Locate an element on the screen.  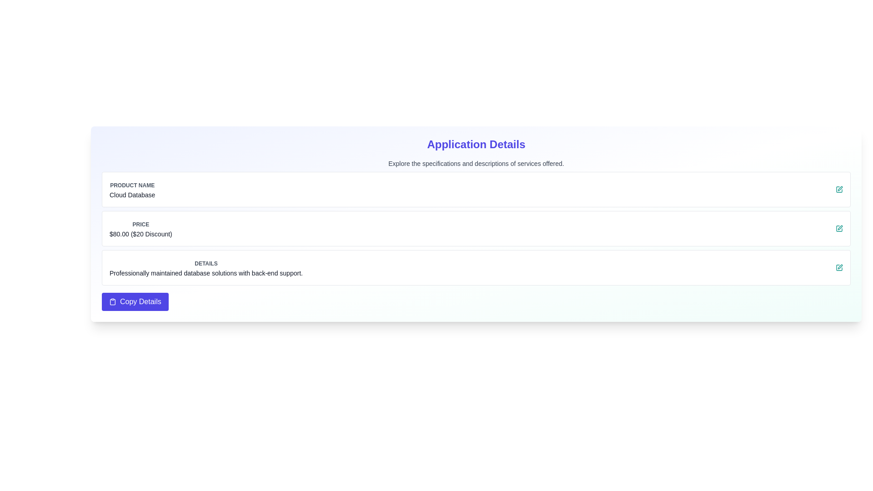
the static text displaying 'Professionally maintained database solutions with back-end support.' located in the 'Details' section below the 'Details' heading is located at coordinates (206, 273).